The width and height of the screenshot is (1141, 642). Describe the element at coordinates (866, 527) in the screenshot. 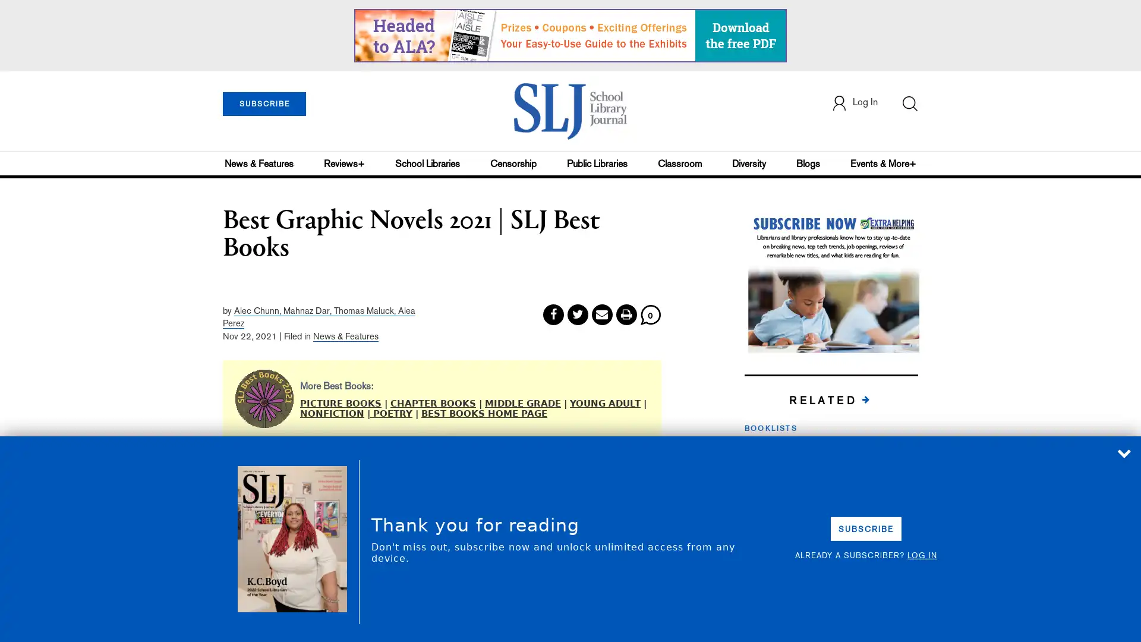

I see `SUBSCRIBE` at that location.